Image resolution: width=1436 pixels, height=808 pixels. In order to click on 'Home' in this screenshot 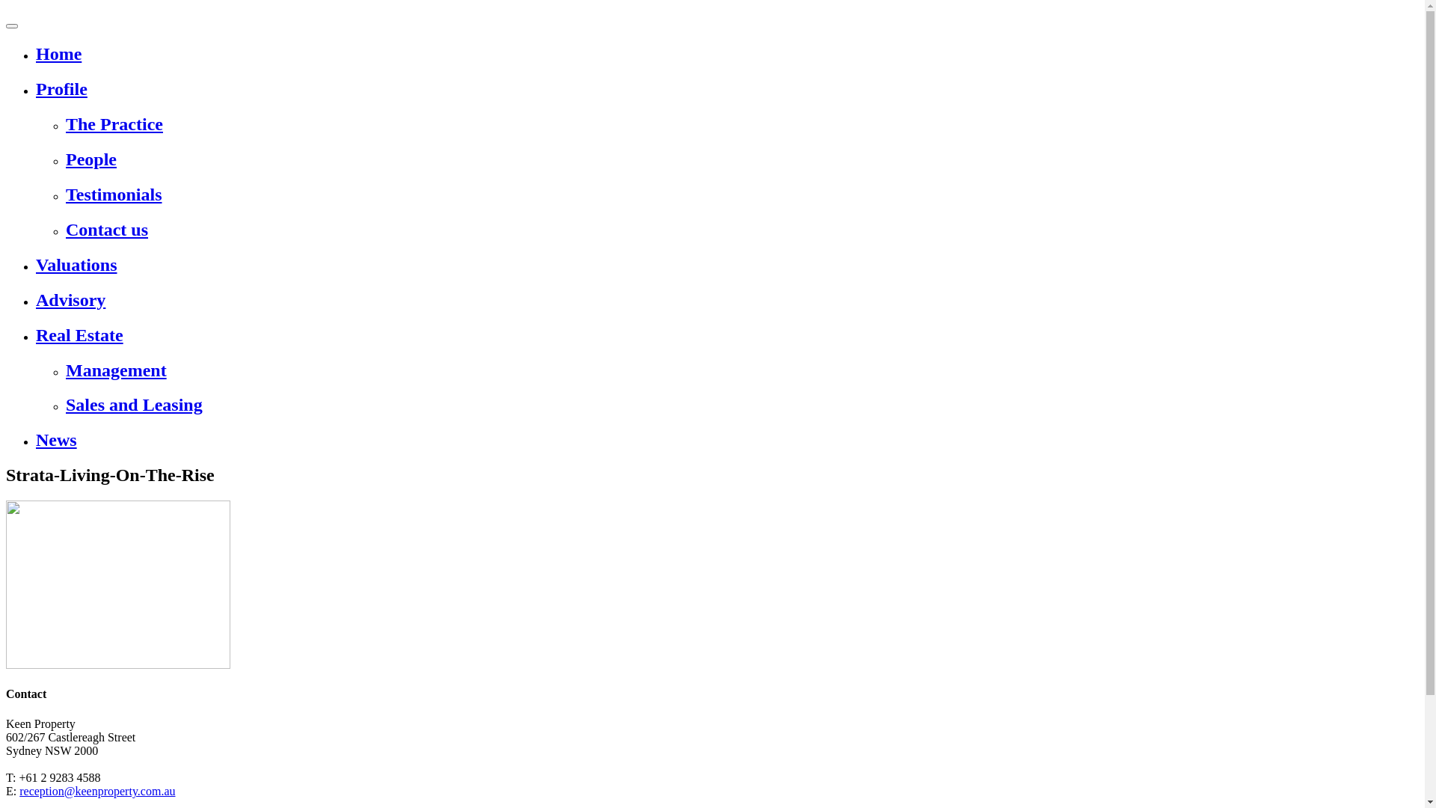, I will do `click(36, 53)`.